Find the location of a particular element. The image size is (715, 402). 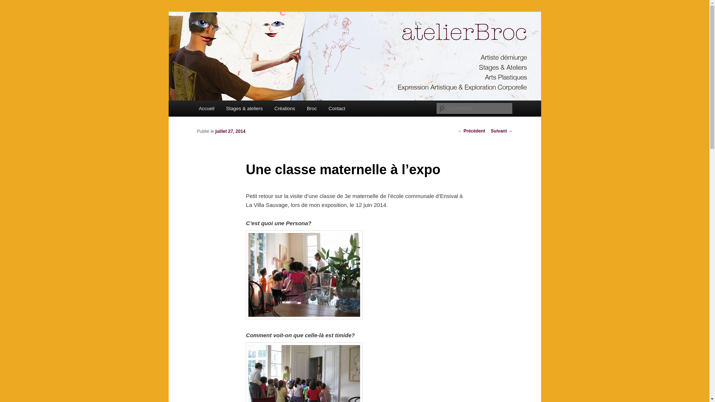

'Accueil' is located at coordinates (193, 108).